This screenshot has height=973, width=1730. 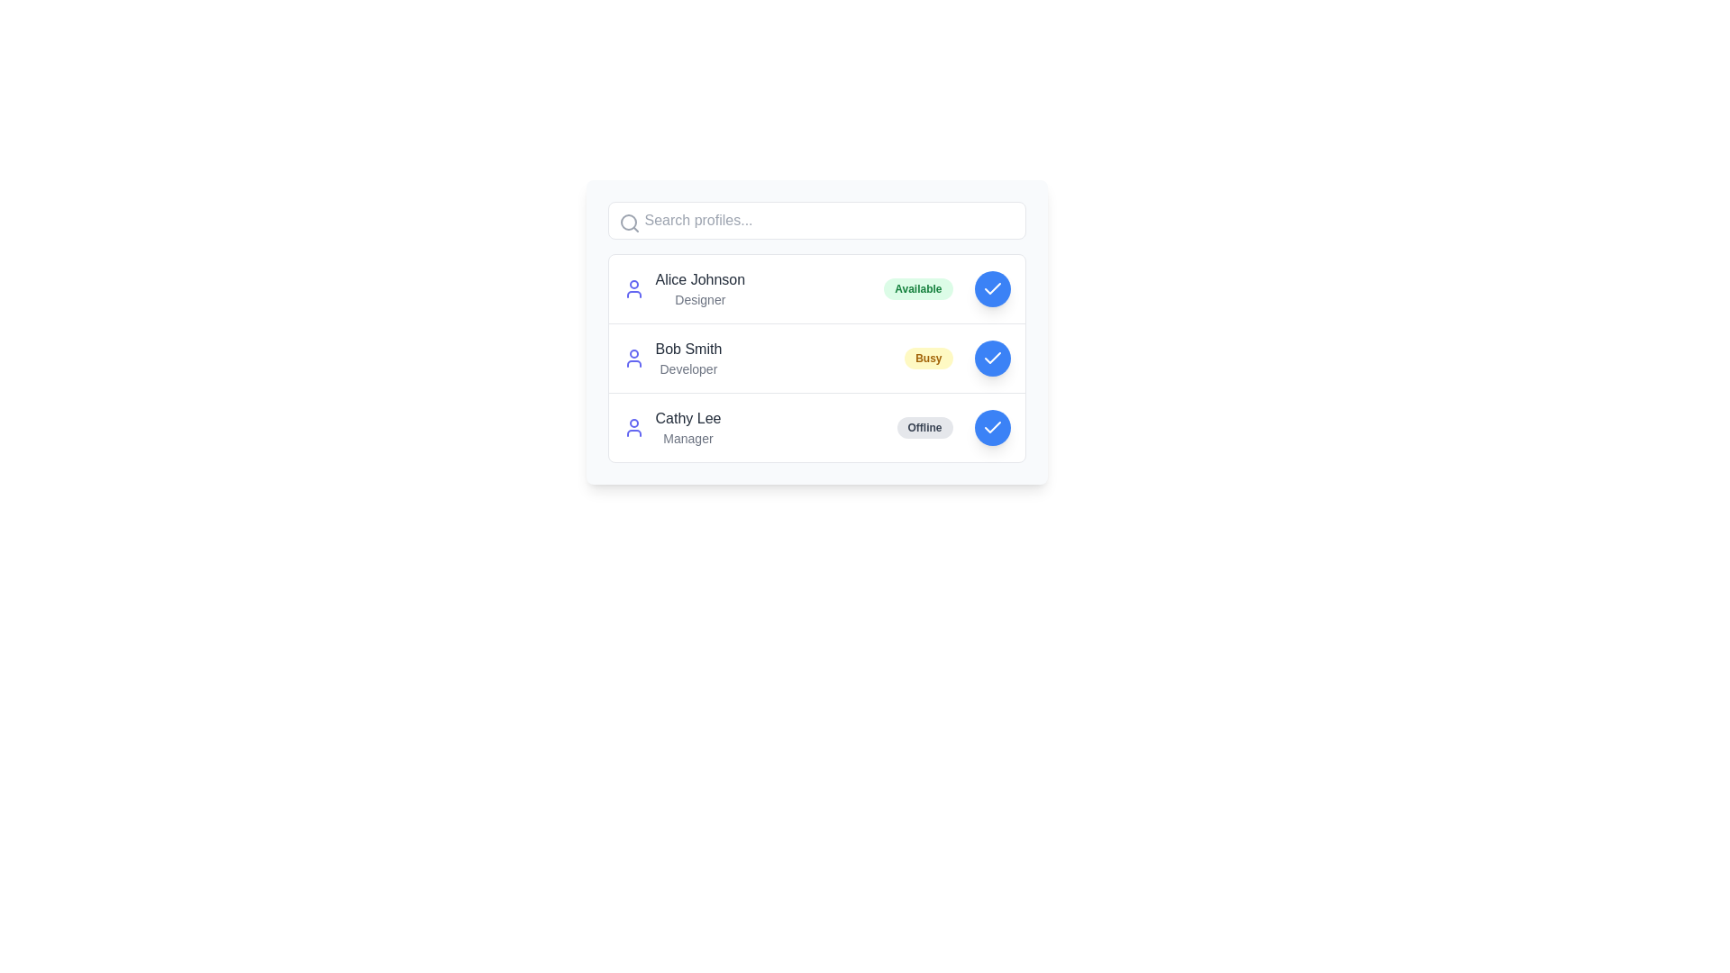 What do you see at coordinates (815, 220) in the screenshot?
I see `the search bar at the top of the user profile card layout to focus it` at bounding box center [815, 220].